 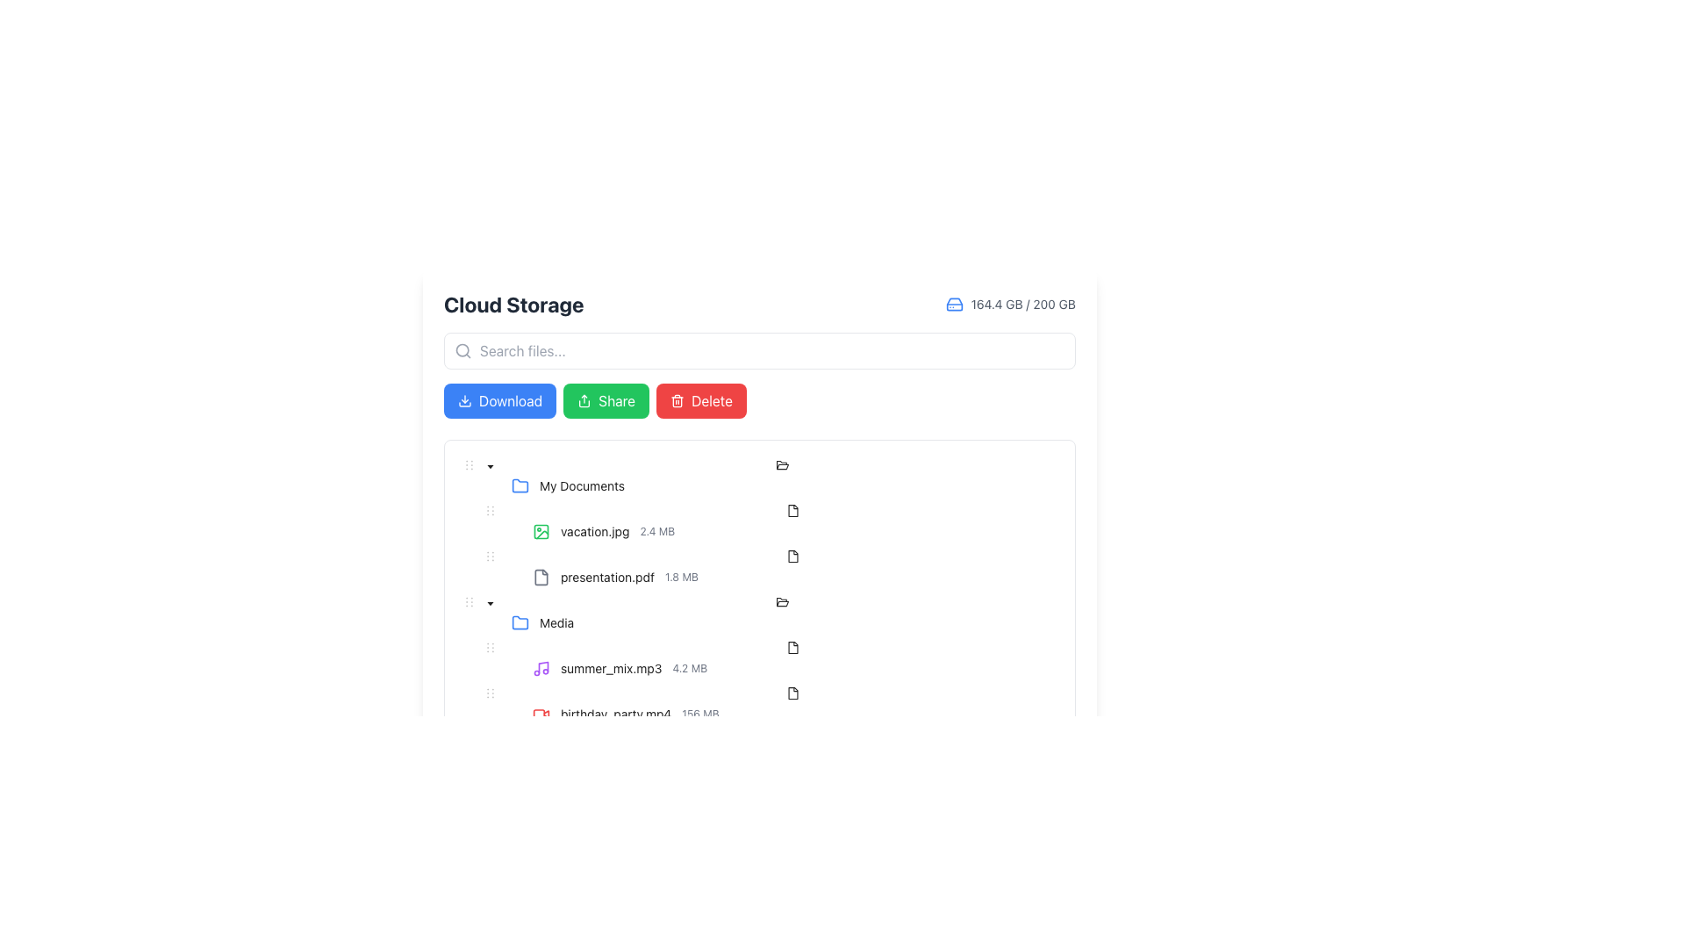 I want to click on the vertical stick section of the purple musical note icon, which is slanting slightly to the right and located in the Media folder item, so click(x=542, y=667).